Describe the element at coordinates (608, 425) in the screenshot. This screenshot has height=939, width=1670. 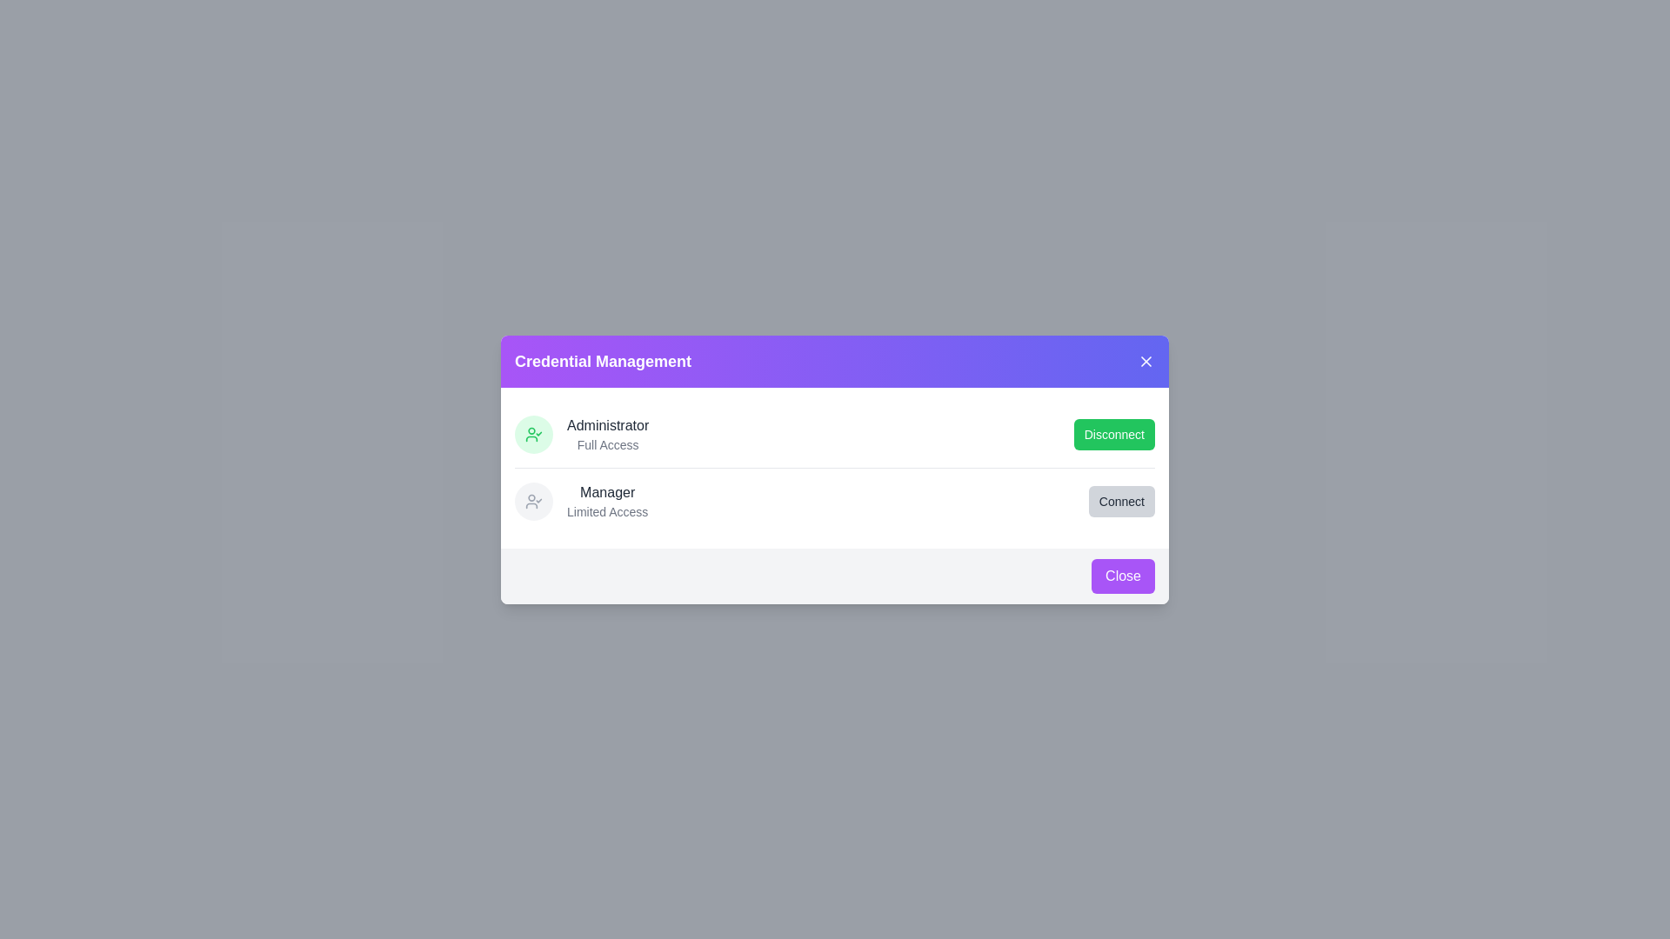
I see `the label representing the user role located in the 'Credential Management' panel, next to the green user icon and above the 'Full Access' label` at that location.